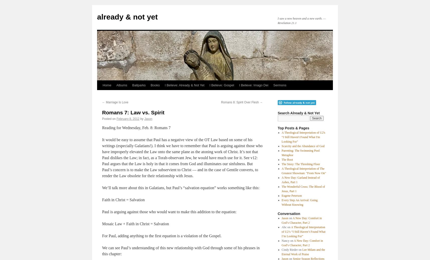 The height and width of the screenshot is (260, 430). Describe the element at coordinates (303, 252) in the screenshot. I see `'Lee Milam and the Eternal Work of Praise'` at that location.